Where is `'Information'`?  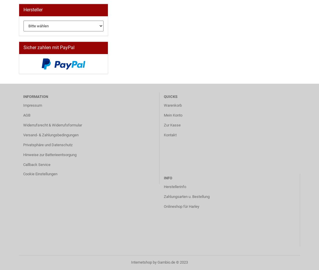 'Information' is located at coordinates (35, 96).